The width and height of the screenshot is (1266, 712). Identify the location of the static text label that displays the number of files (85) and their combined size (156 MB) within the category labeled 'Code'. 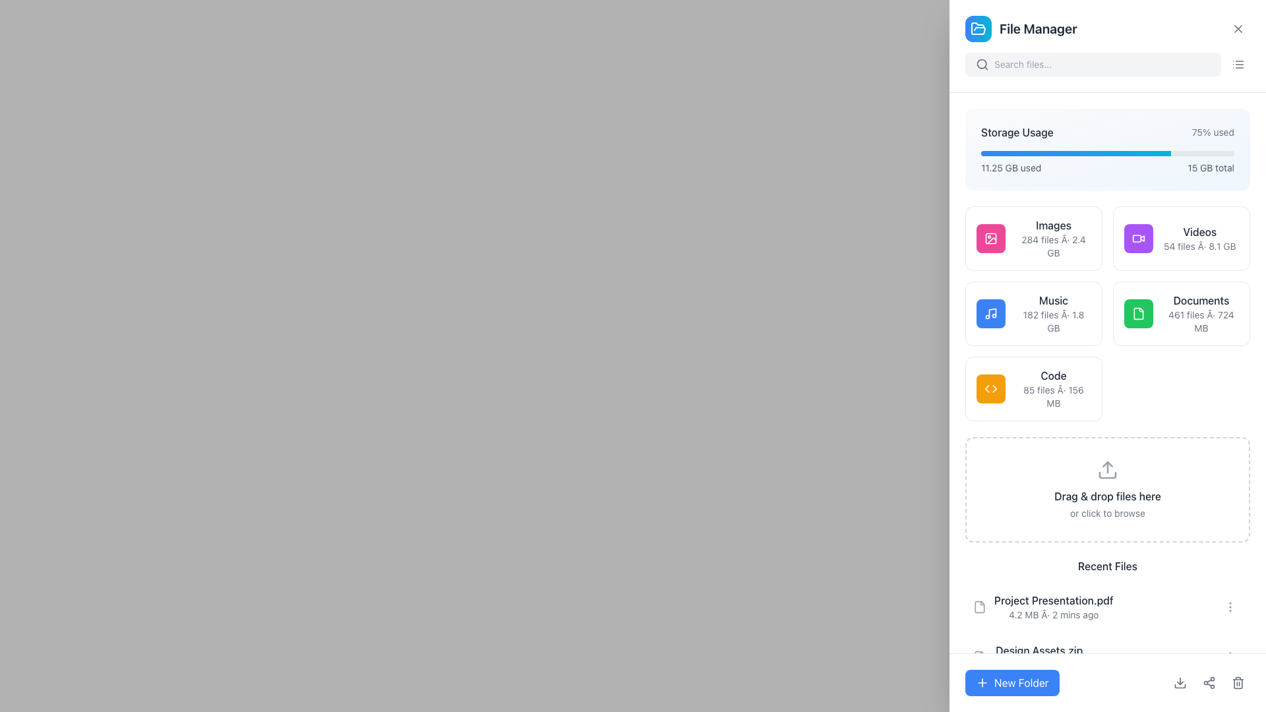
(1053, 396).